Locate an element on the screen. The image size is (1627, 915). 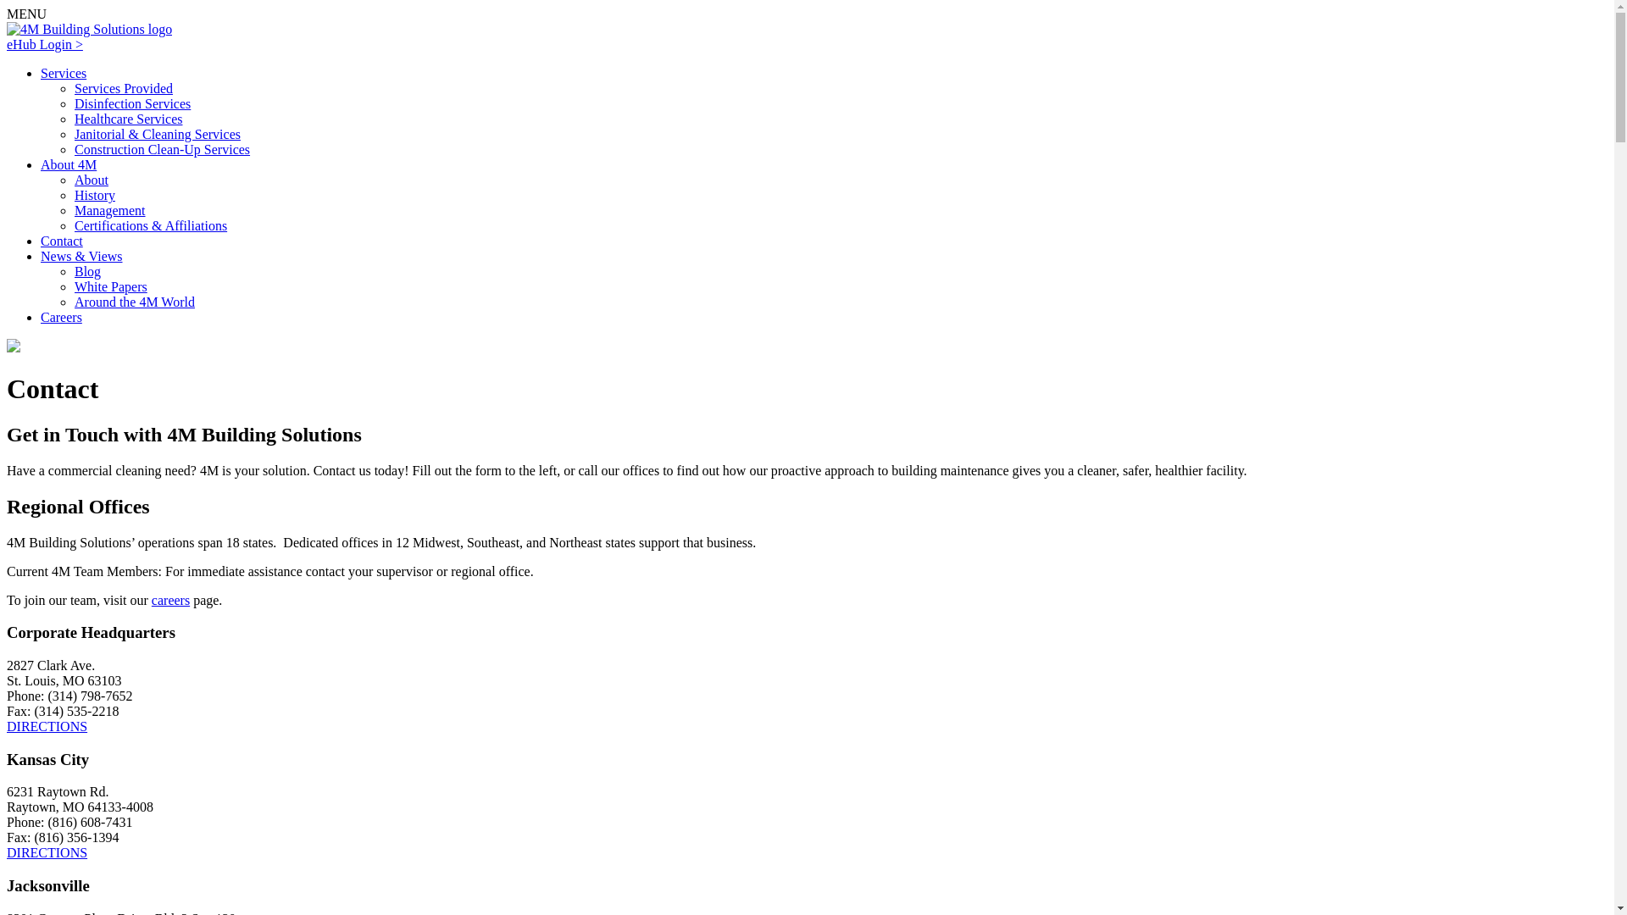
'DIRECTIONS' is located at coordinates (47, 852).